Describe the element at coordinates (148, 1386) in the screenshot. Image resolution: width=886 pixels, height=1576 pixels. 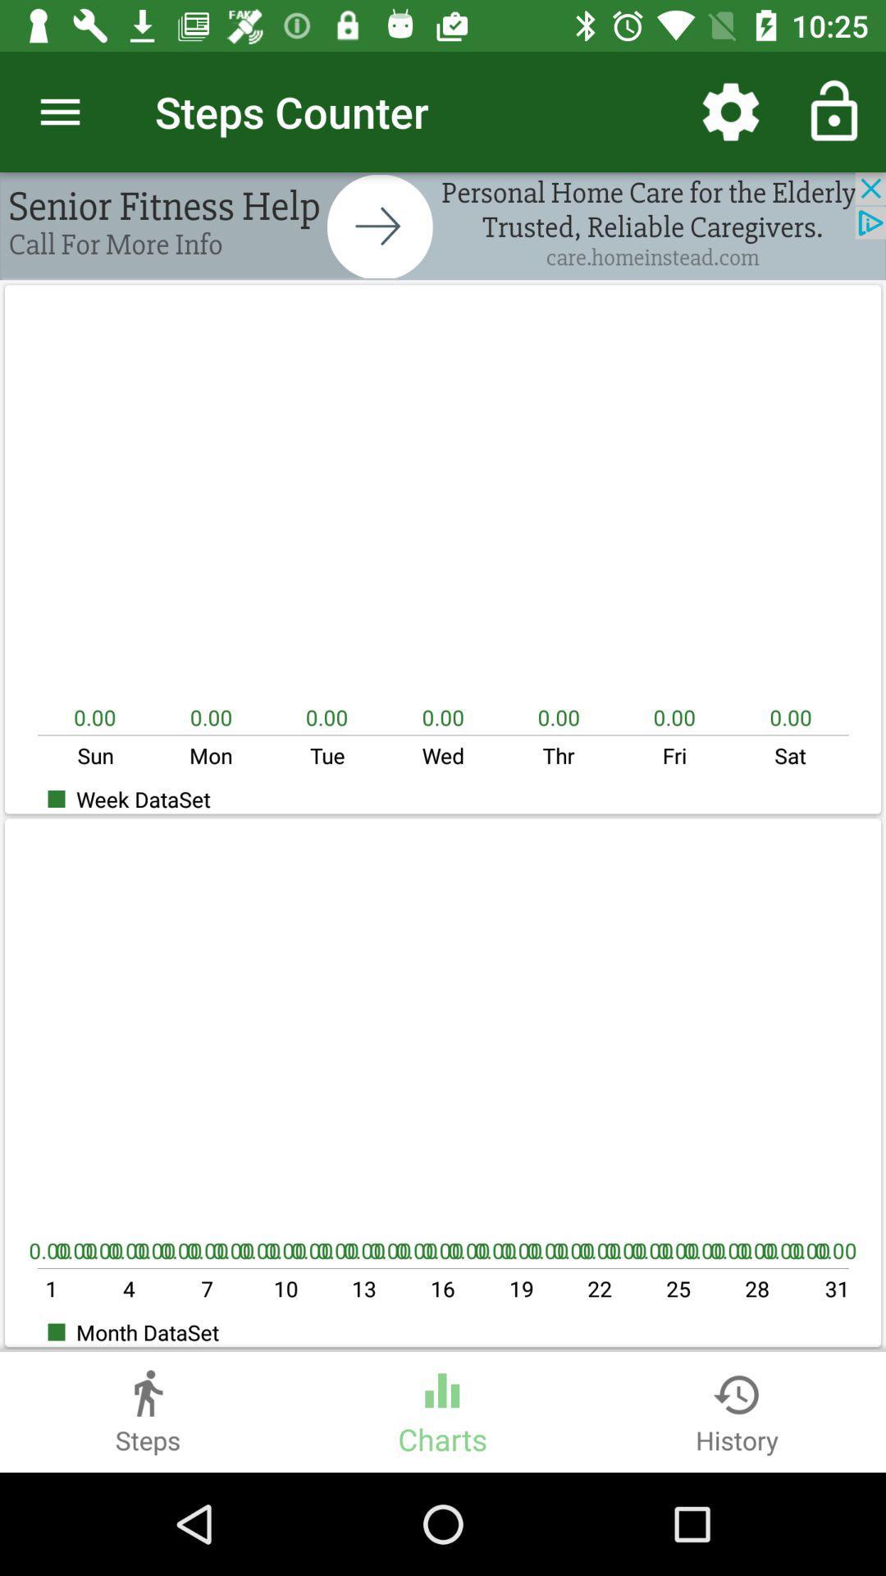
I see `the symbol which is immediately above steps` at that location.